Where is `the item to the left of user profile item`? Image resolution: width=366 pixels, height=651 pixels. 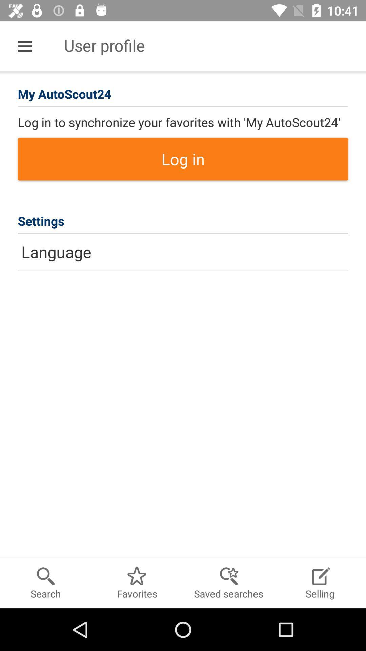
the item to the left of user profile item is located at coordinates (24, 46).